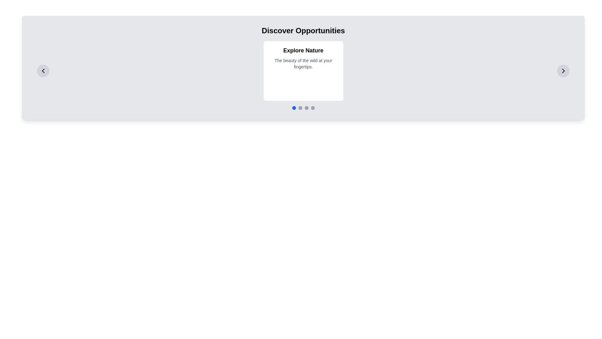 The image size is (602, 339). Describe the element at coordinates (563, 71) in the screenshot. I see `the right-side navigational arrow icon within the circular button that serves as the carousel navigation button` at that location.